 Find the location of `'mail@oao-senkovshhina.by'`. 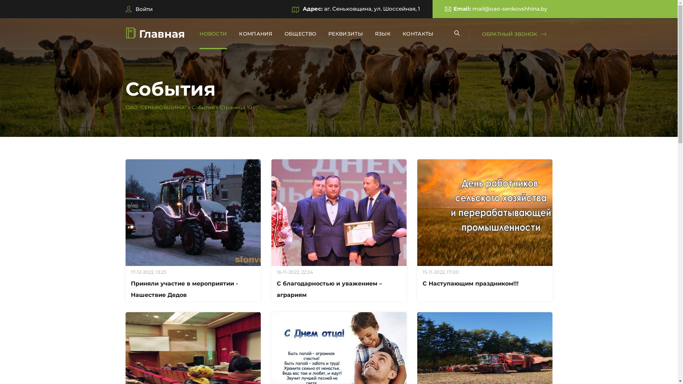

'mail@oao-senkovshhina.by' is located at coordinates (509, 9).